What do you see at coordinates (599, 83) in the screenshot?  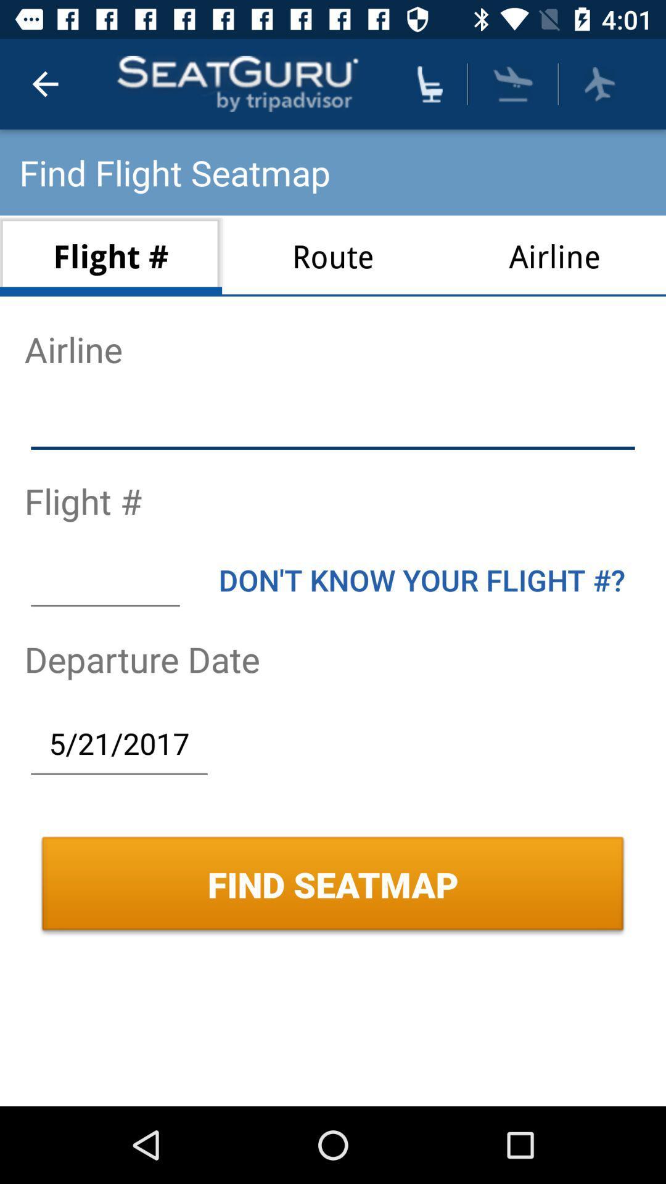 I see `to select flights toggle to flight search` at bounding box center [599, 83].